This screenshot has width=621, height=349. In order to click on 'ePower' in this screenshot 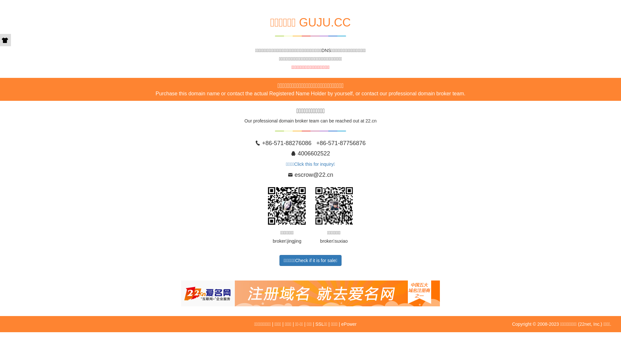, I will do `click(348, 324)`.